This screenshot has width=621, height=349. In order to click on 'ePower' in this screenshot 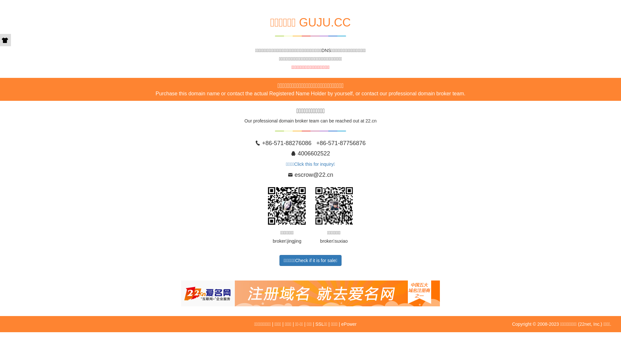, I will do `click(348, 324)`.